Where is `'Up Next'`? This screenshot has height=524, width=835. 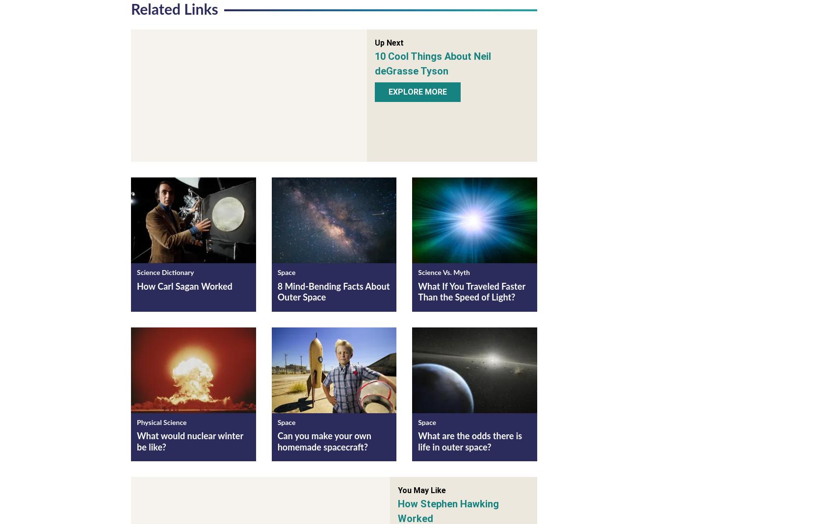 'Up Next' is located at coordinates (389, 44).